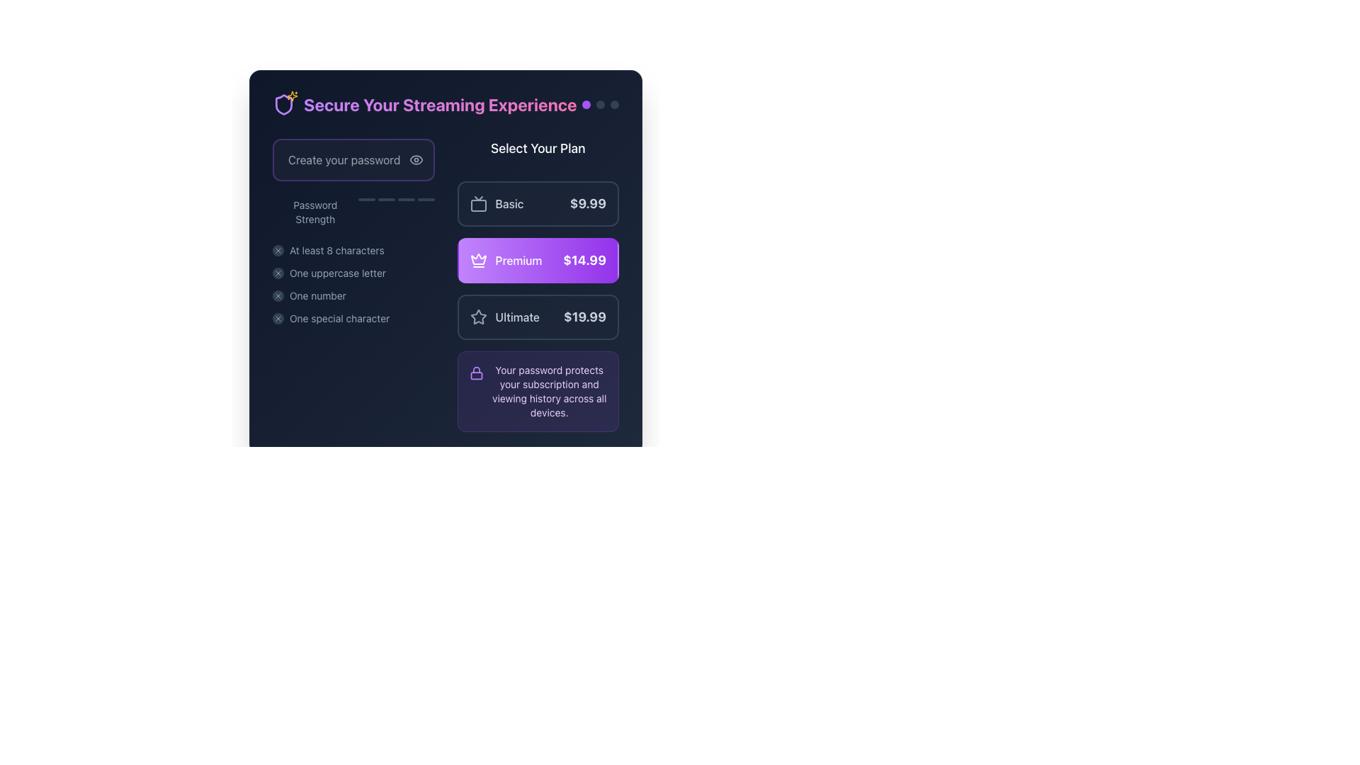 This screenshot has height=765, width=1360. I want to click on the visual change in the second progress indicator bar, which is a horizontally elongated rectangle with rounded edges, dark gray in color, located beneath the 'Password Strength' label, so click(386, 199).